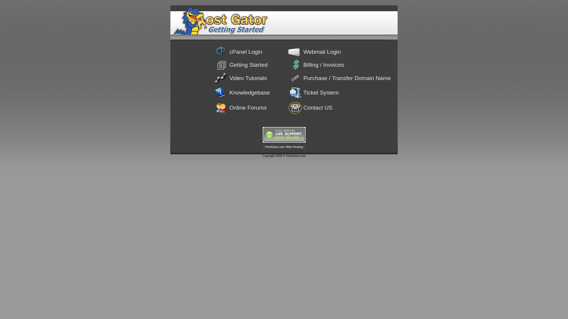 This screenshot has height=319, width=568. Describe the element at coordinates (317, 108) in the screenshot. I see `'Contact US'` at that location.